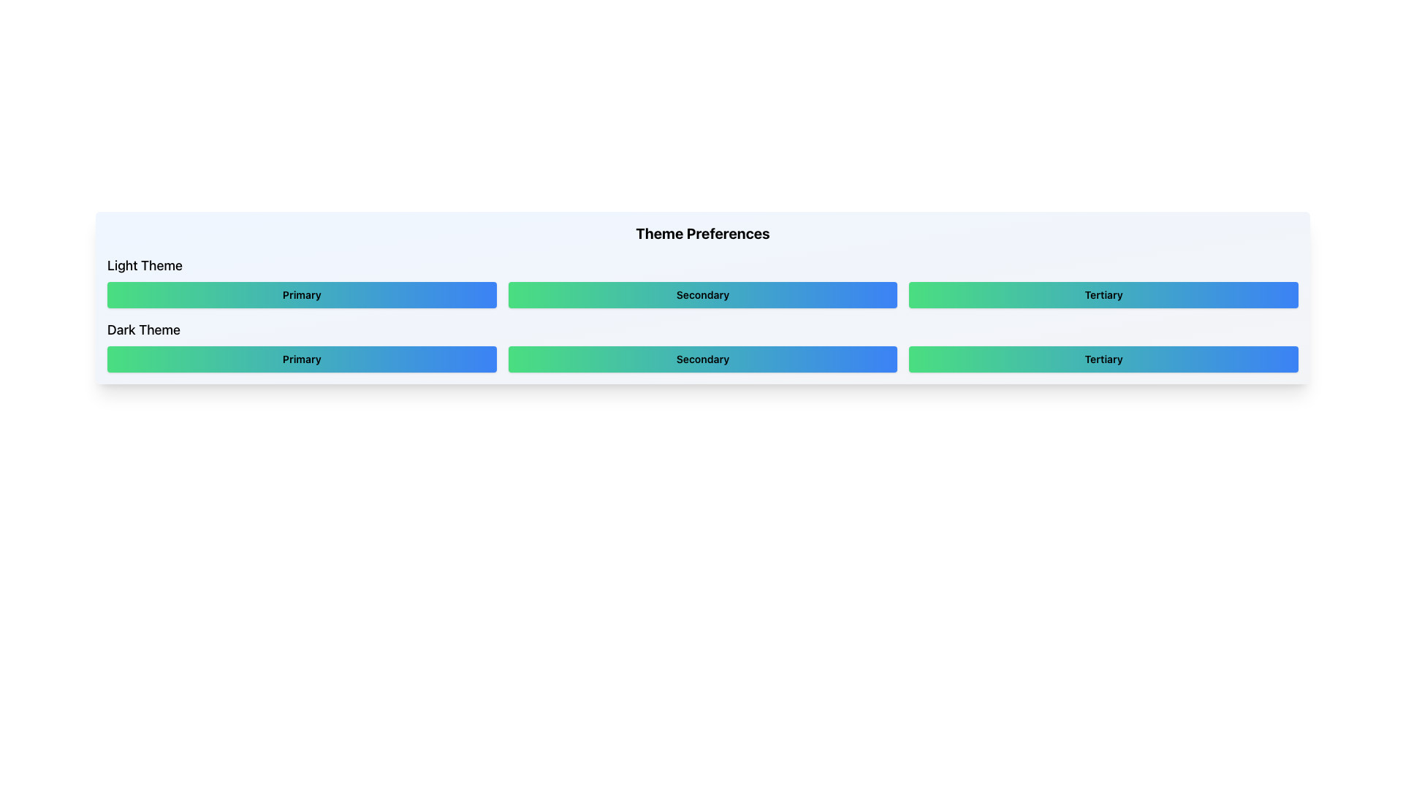 This screenshot has height=789, width=1403. I want to click on the text label reading 'Light Theme' which is positioned above the buttons labeled 'Primary', 'Secondary', and 'Tertiary', so click(145, 265).